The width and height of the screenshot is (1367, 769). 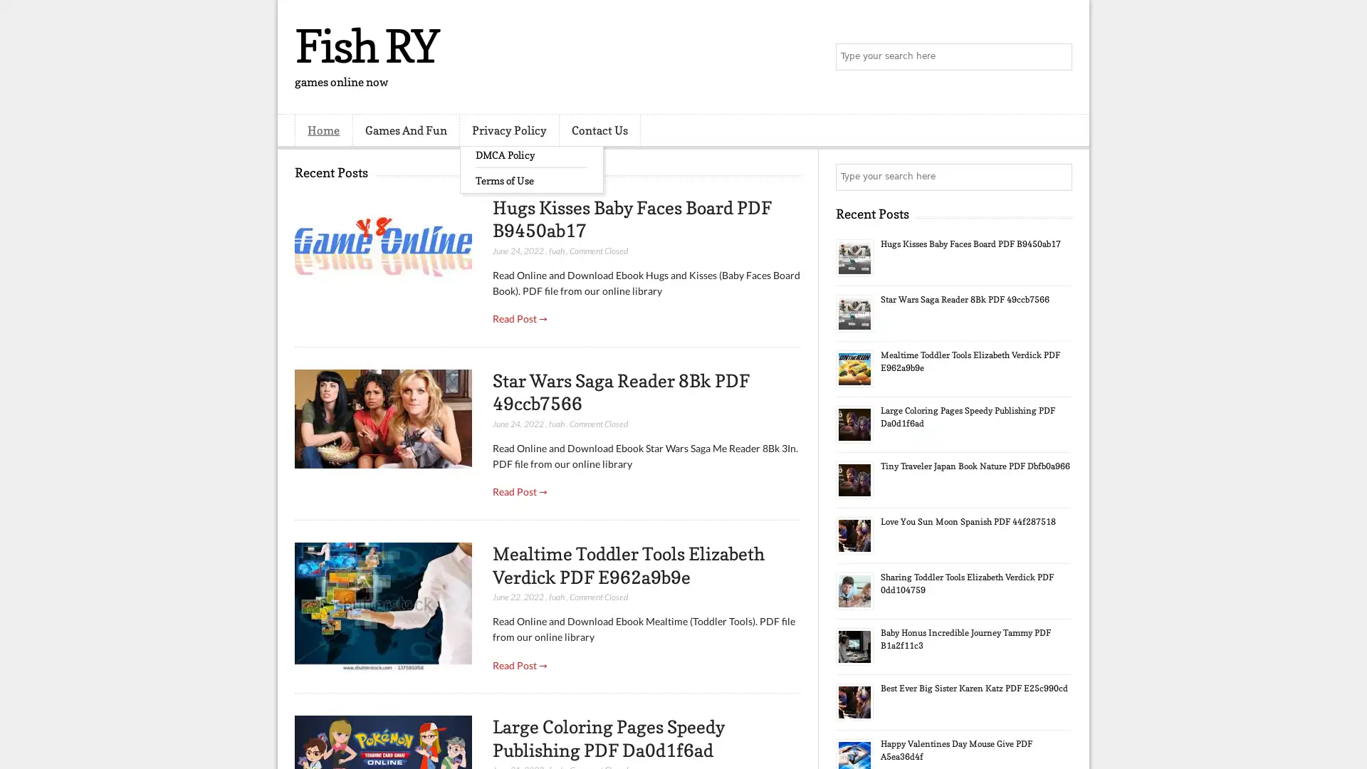 What do you see at coordinates (1057, 57) in the screenshot?
I see `Search` at bounding box center [1057, 57].